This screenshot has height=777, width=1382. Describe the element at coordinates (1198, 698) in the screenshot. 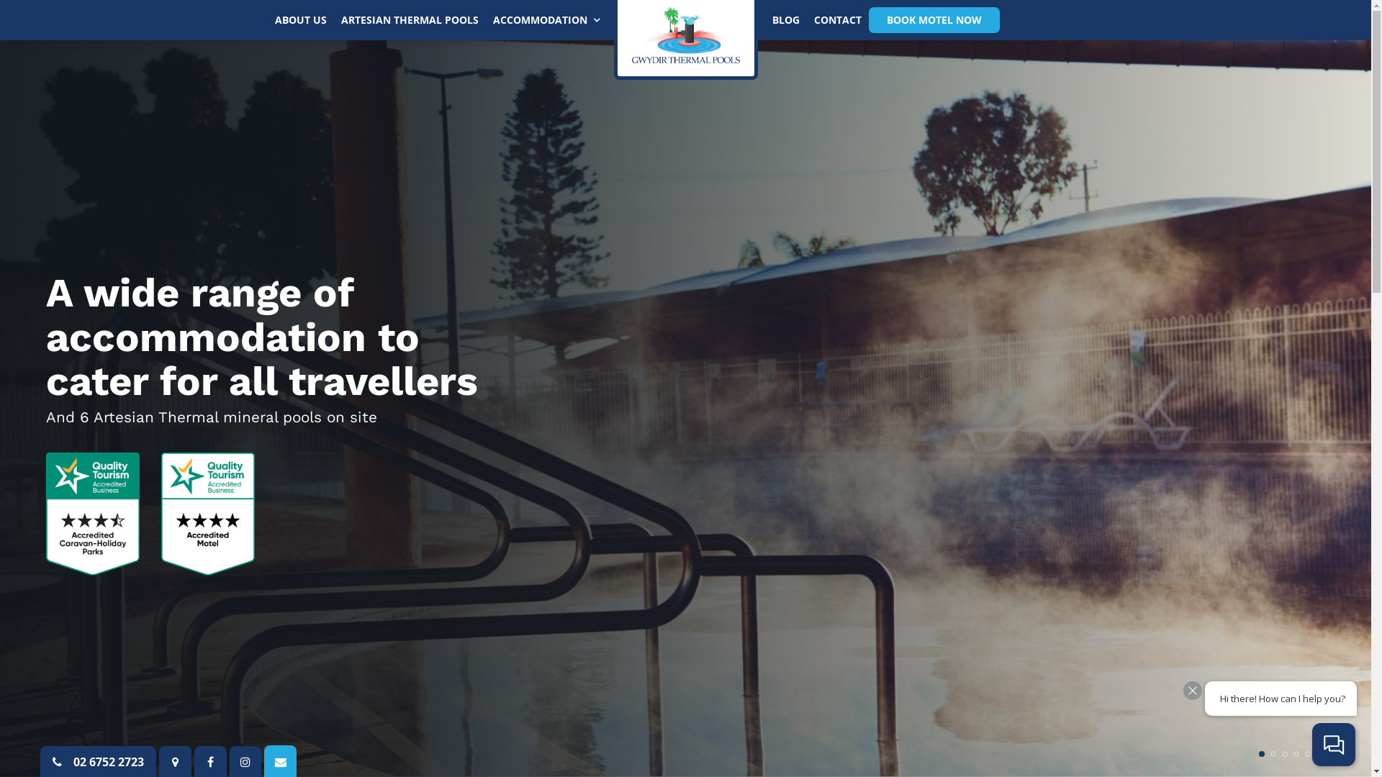

I see `'greeting'` at that location.